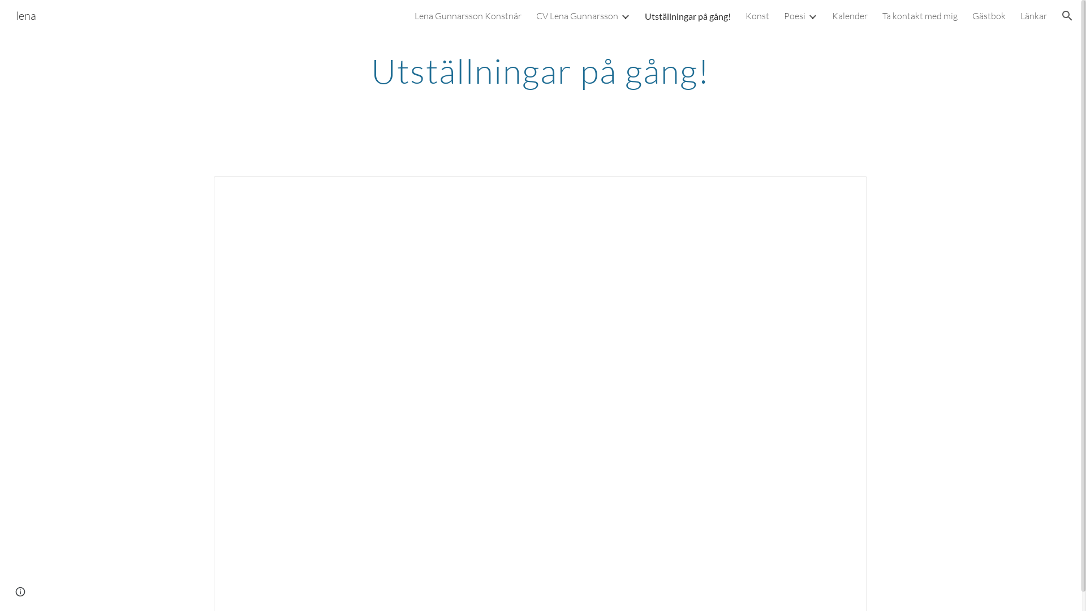 This screenshot has height=611, width=1086. I want to click on 'CV Lena Gunnarsson', so click(577, 15).